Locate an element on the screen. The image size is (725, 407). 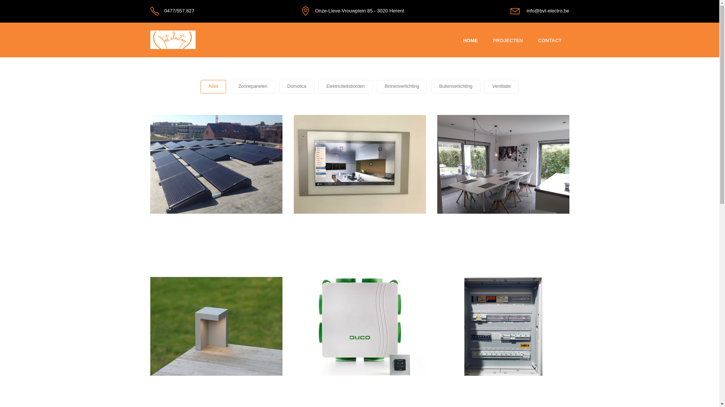
'PROJECTEN' is located at coordinates (493, 41).